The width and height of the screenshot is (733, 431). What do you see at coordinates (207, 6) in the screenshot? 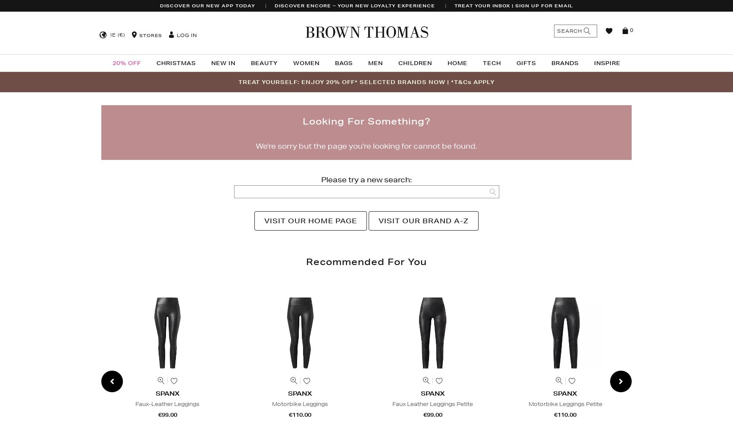
I see `'DISCOVER OUR NEW APP TODAY'` at bounding box center [207, 6].